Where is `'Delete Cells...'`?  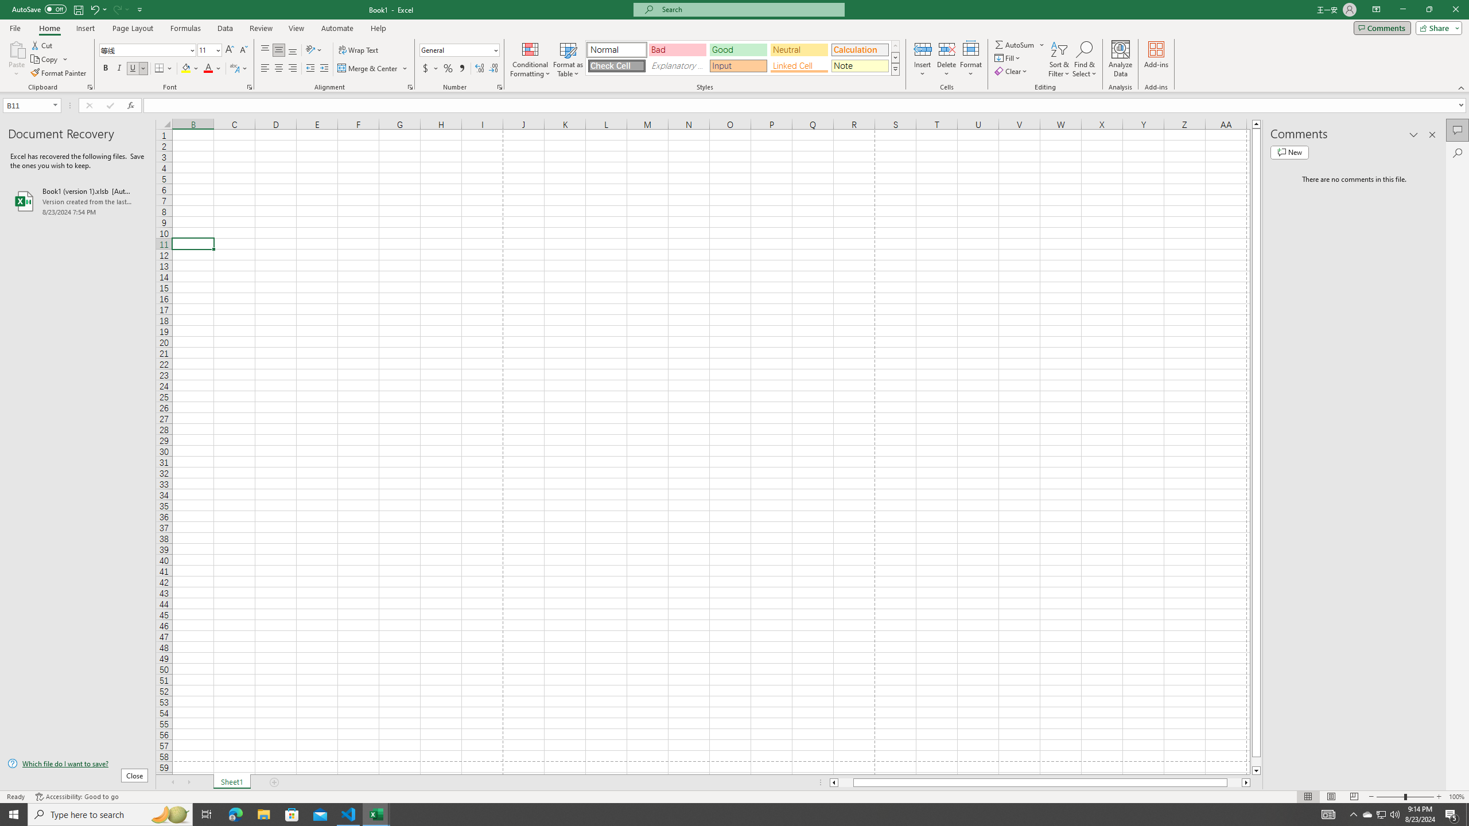 'Delete Cells...' is located at coordinates (946, 48).